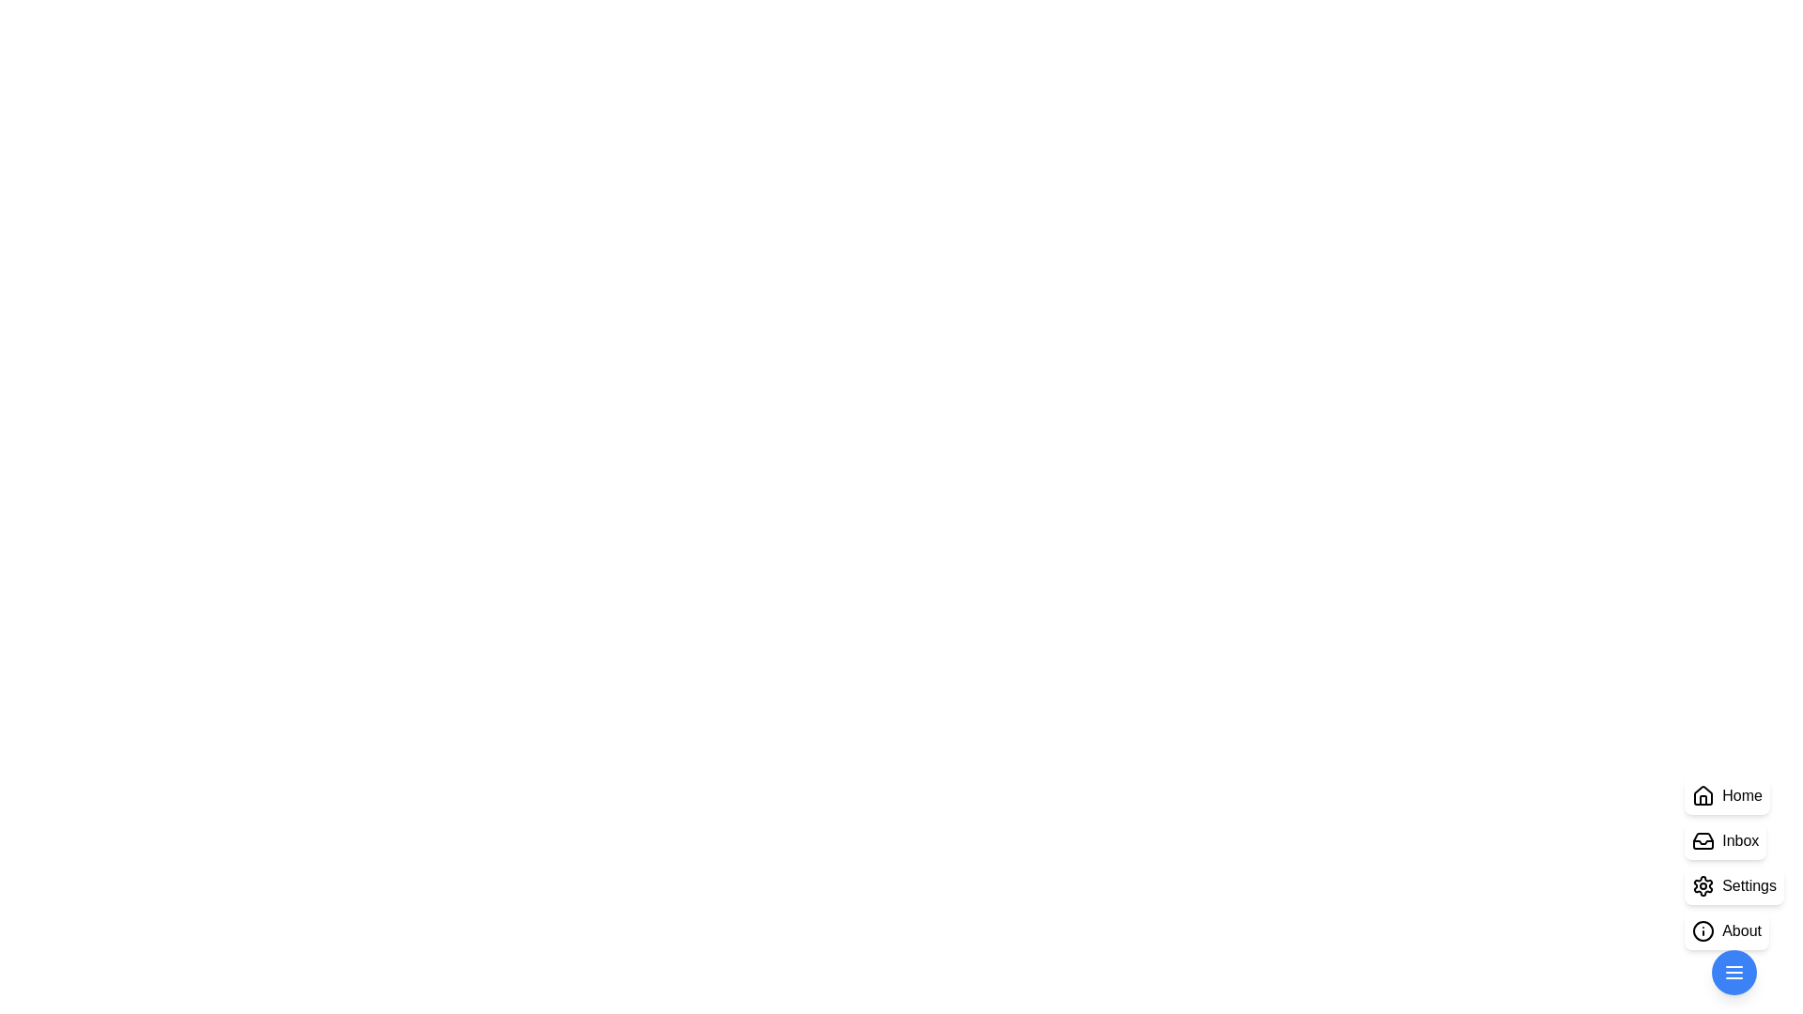  Describe the element at coordinates (1727, 930) in the screenshot. I see `the 'About' button in the StylishSpeedDial component` at that location.